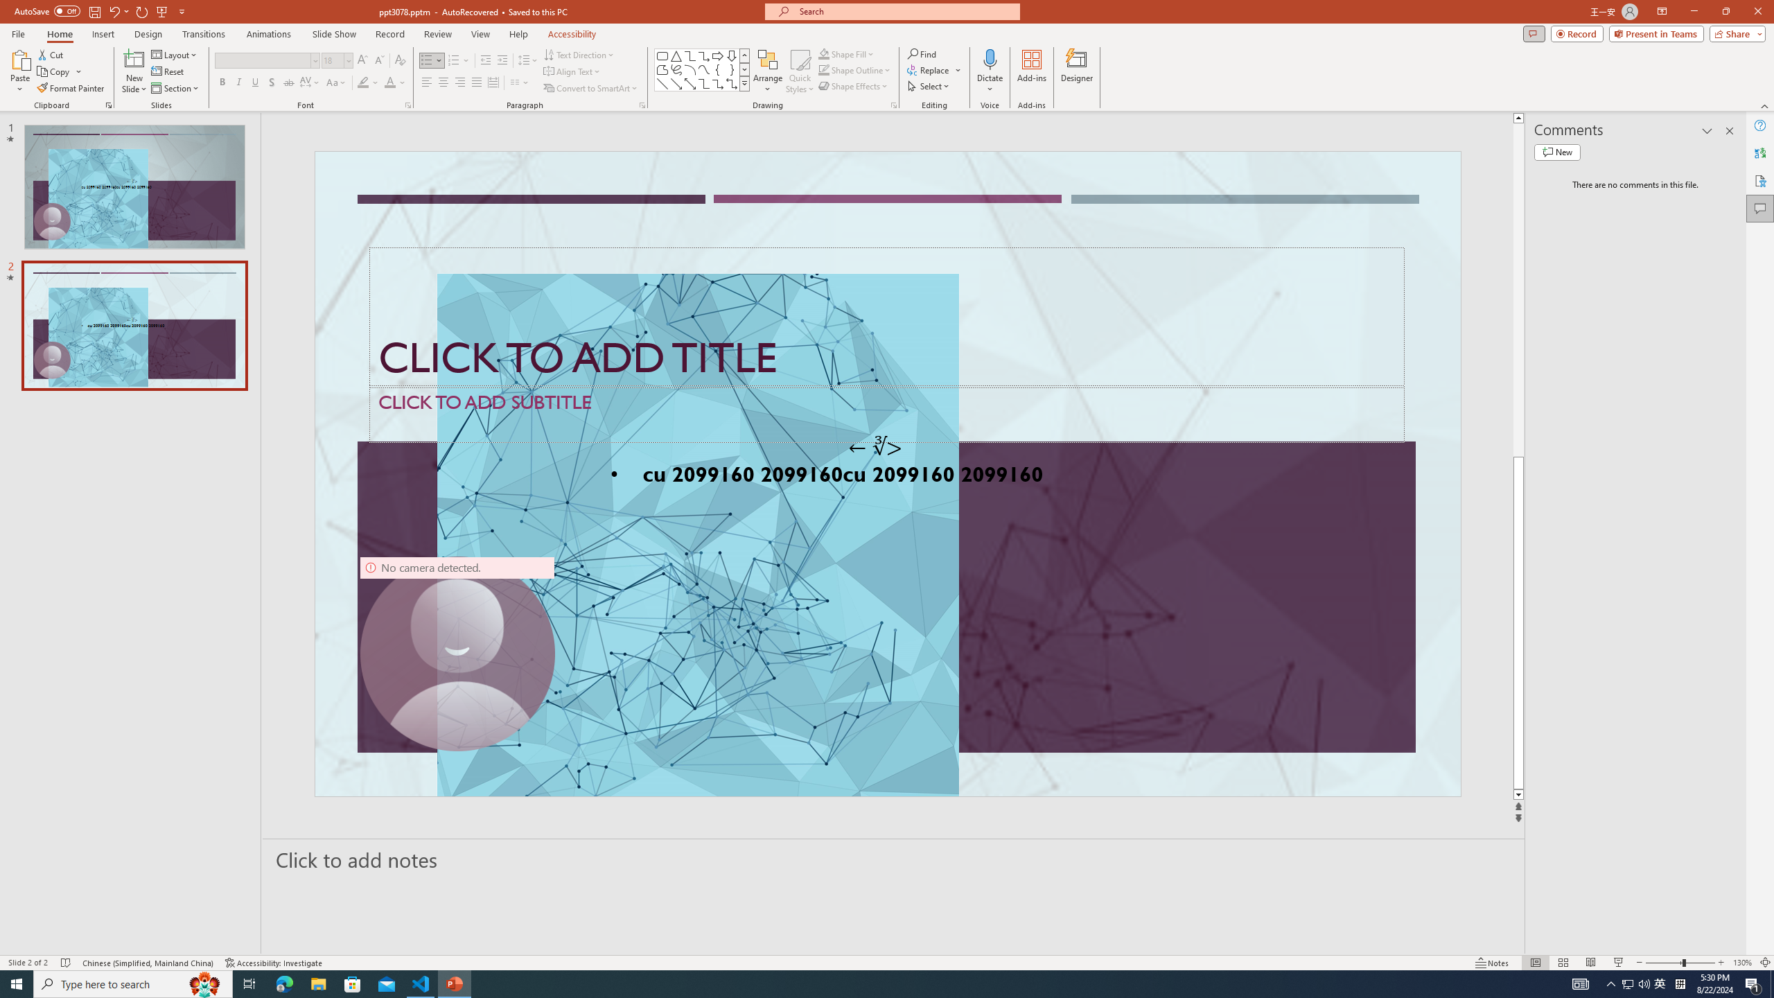  Describe the element at coordinates (426, 60) in the screenshot. I see `'Bullets'` at that location.